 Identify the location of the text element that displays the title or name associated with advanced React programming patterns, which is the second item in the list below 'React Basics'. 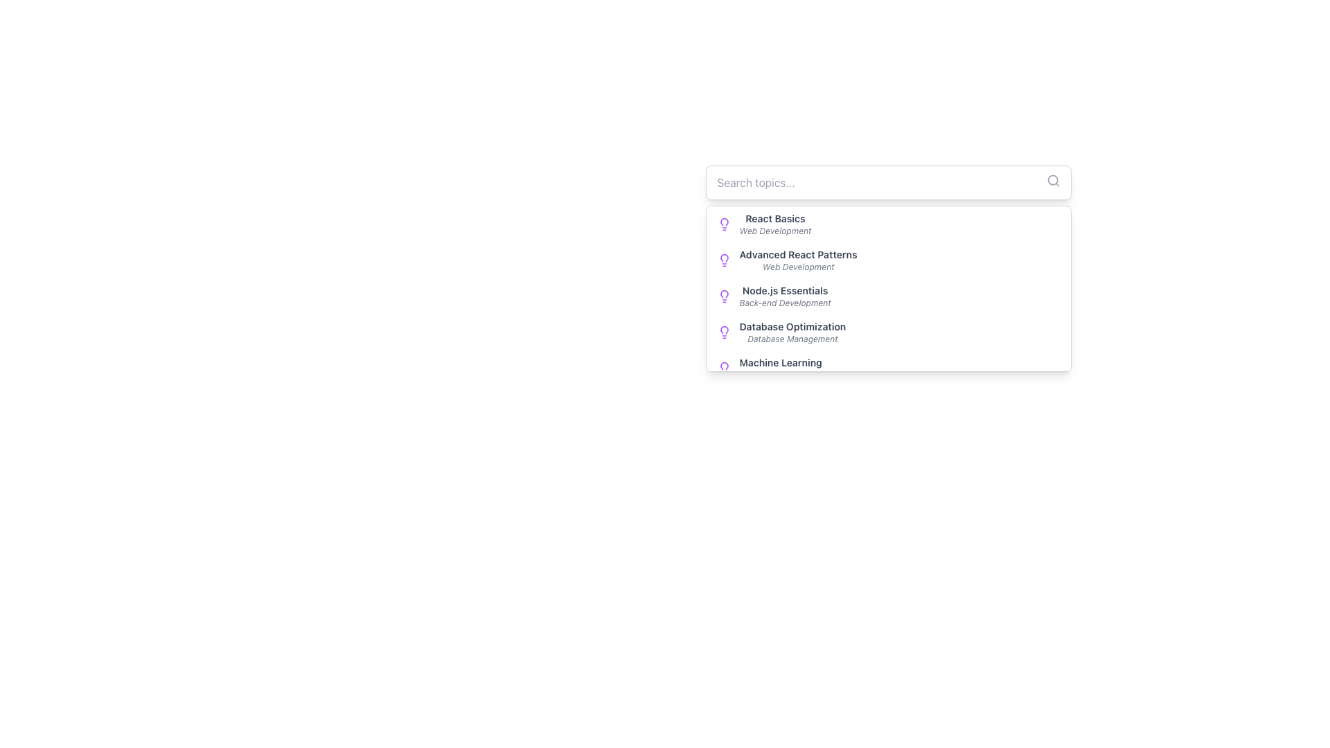
(798, 254).